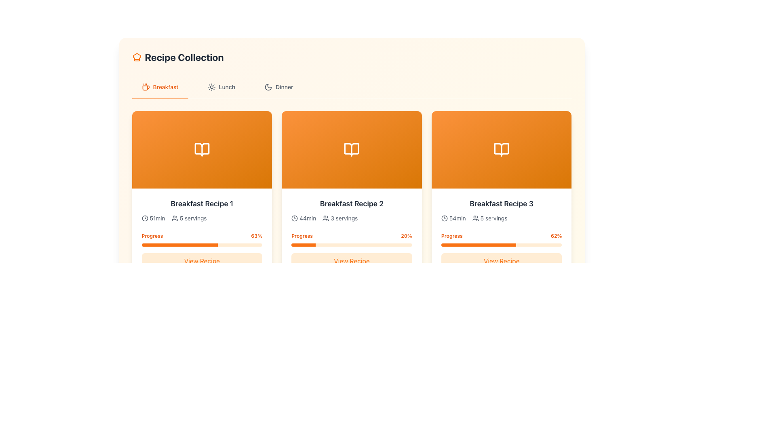 The image size is (776, 436). Describe the element at coordinates (352, 261) in the screenshot. I see `the 'View Recipe' button with a light orange background located at the bottom of the 'Breakfast Recipe 2' card, which is directly below the progress bar` at that location.